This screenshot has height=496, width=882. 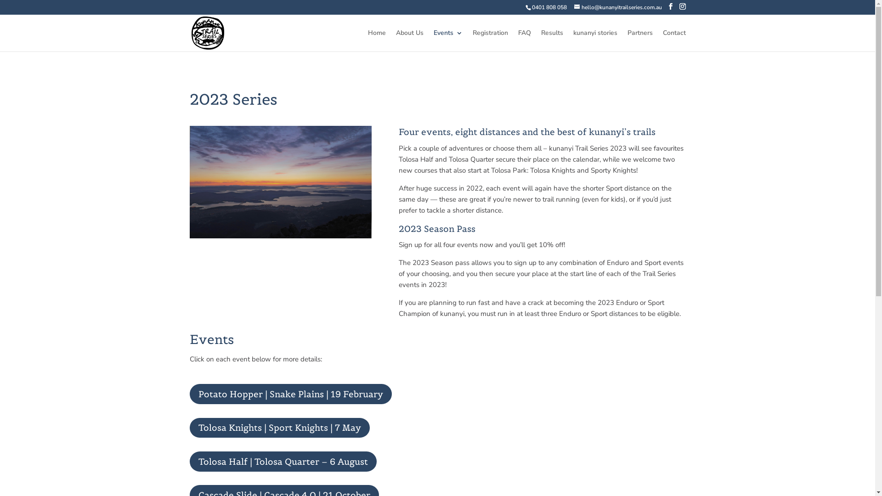 I want to click on 'Potato Hopper | Snake Plains | 19 February', so click(x=290, y=393).